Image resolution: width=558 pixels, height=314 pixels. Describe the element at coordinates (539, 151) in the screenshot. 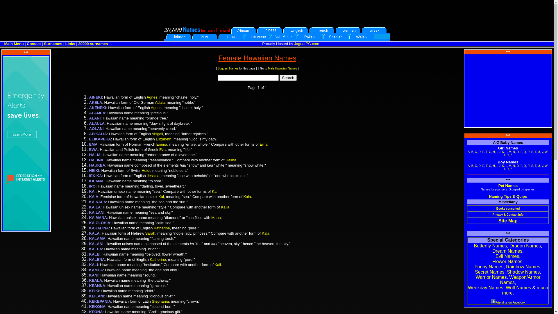

I see `'U'` at that location.